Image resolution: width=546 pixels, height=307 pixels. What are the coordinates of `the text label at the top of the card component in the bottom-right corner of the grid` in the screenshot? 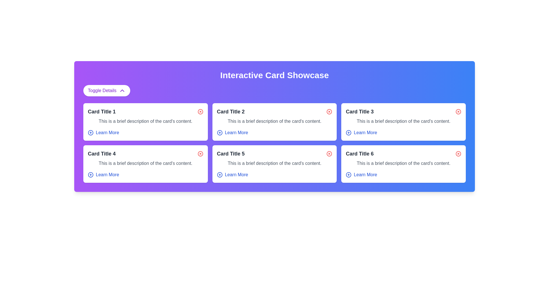 It's located at (359, 153).